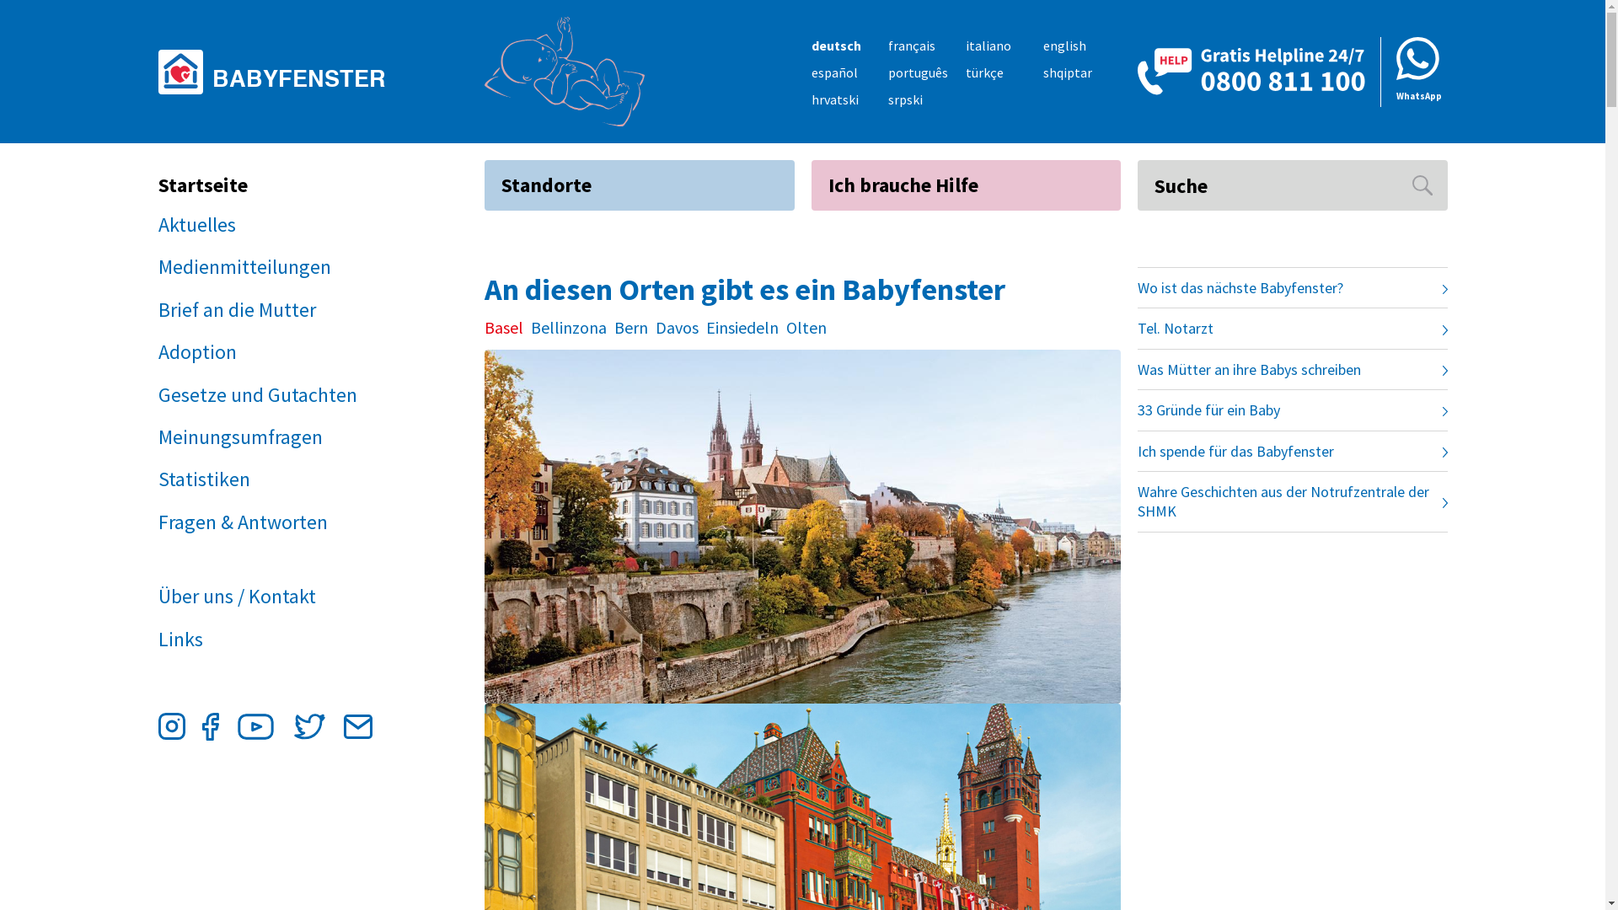  Describe the element at coordinates (904, 99) in the screenshot. I see `'srpski'` at that location.